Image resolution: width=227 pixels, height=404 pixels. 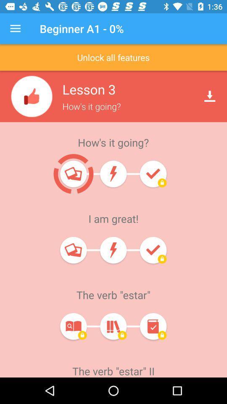 I want to click on the app next to beginner a1 - 0% app, so click(x=15, y=29).